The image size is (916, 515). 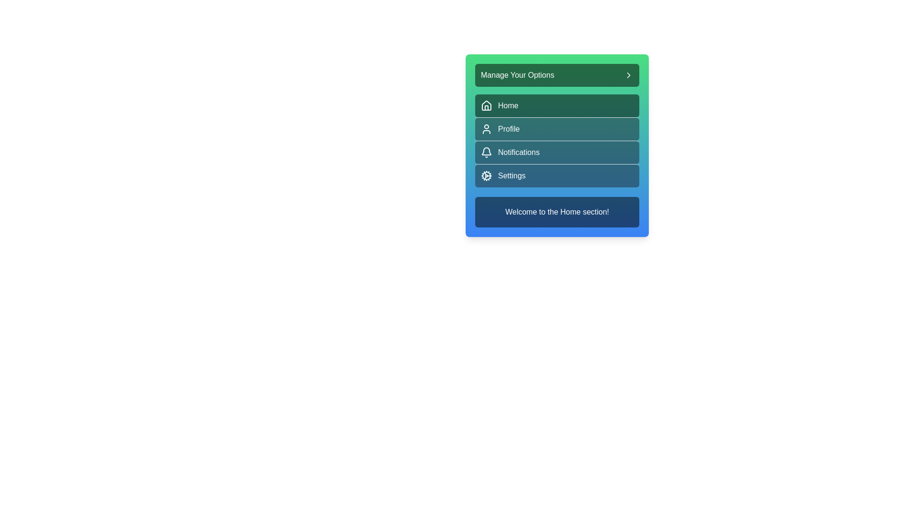 I want to click on the 'Home' icon located in the first row of the vertical menu, positioned to the left of the button labeled 'Home' as a visual cue, so click(x=486, y=106).